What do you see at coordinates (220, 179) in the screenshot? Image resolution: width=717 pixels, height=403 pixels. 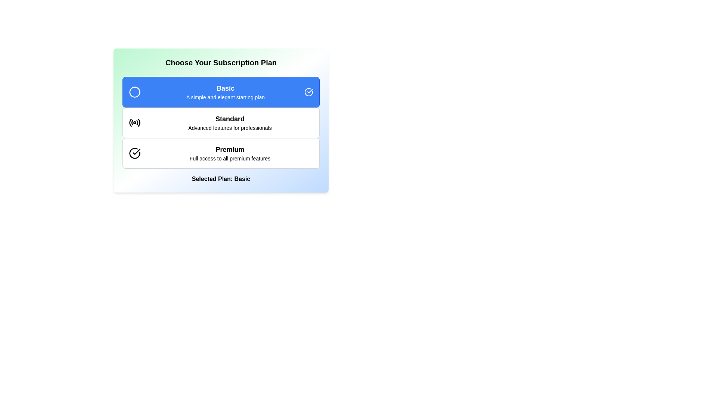 I see `the text label reading 'Selected Plan: Basic'` at bounding box center [220, 179].